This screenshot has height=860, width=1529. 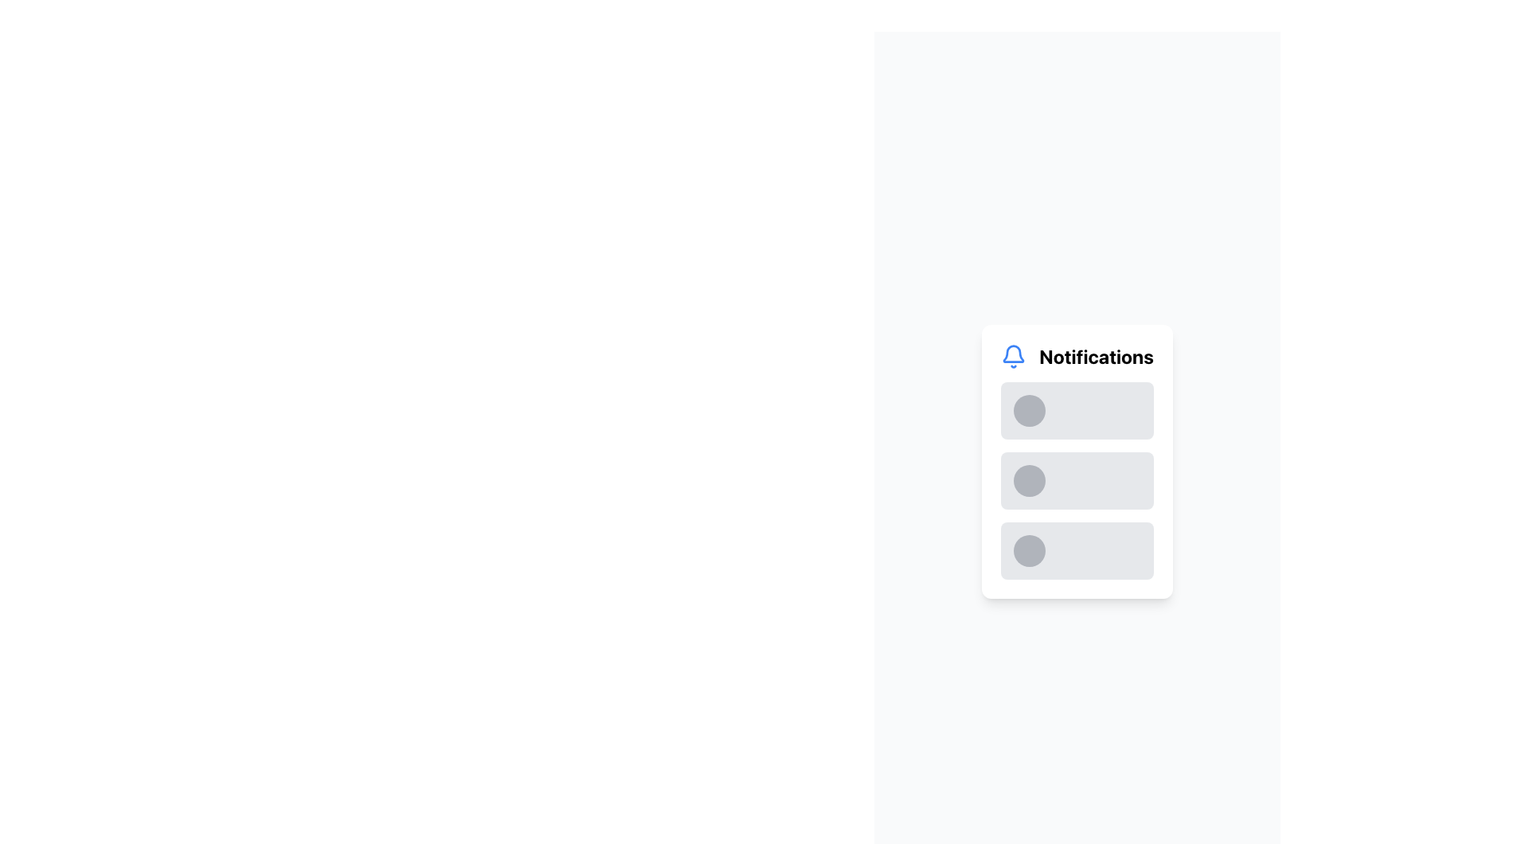 I want to click on the gray rectangular placeholder bar within the notification card, which represents a loading state, so click(x=1099, y=480).